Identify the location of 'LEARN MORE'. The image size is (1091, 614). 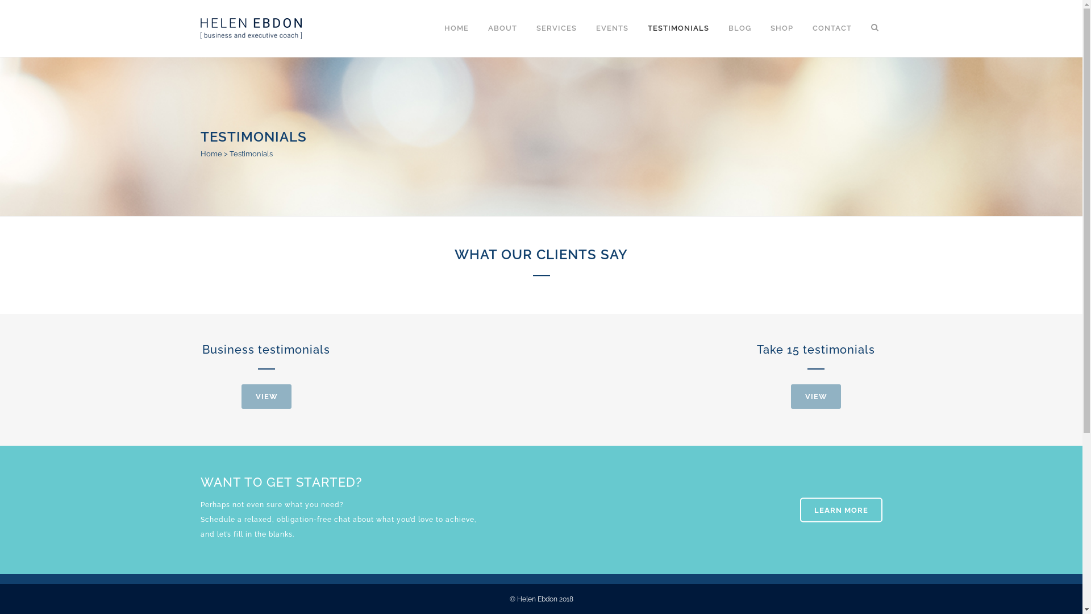
(841, 509).